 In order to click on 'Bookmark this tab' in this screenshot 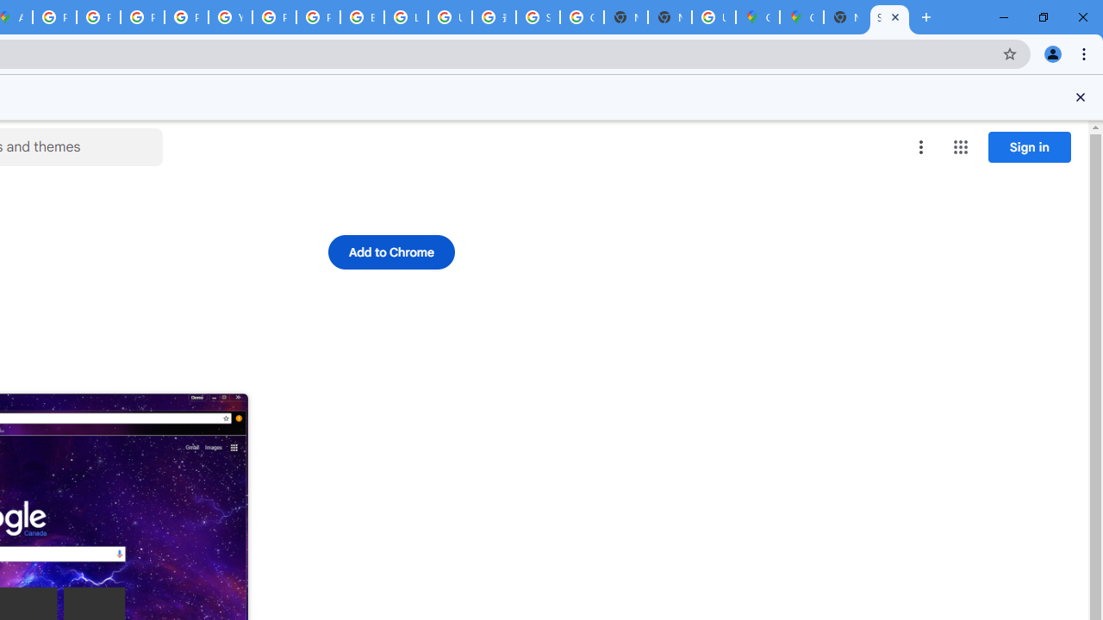, I will do `click(1009, 53)`.